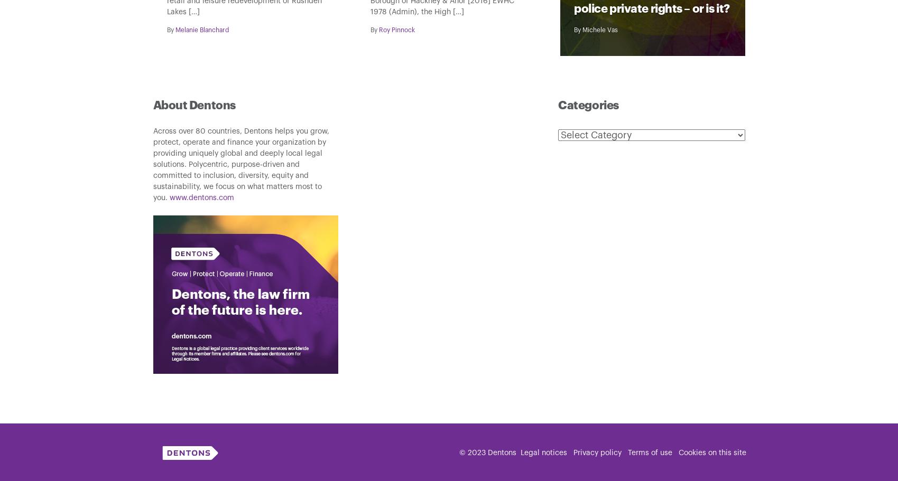 The height and width of the screenshot is (481, 898). I want to click on 'Categories', so click(588, 105).